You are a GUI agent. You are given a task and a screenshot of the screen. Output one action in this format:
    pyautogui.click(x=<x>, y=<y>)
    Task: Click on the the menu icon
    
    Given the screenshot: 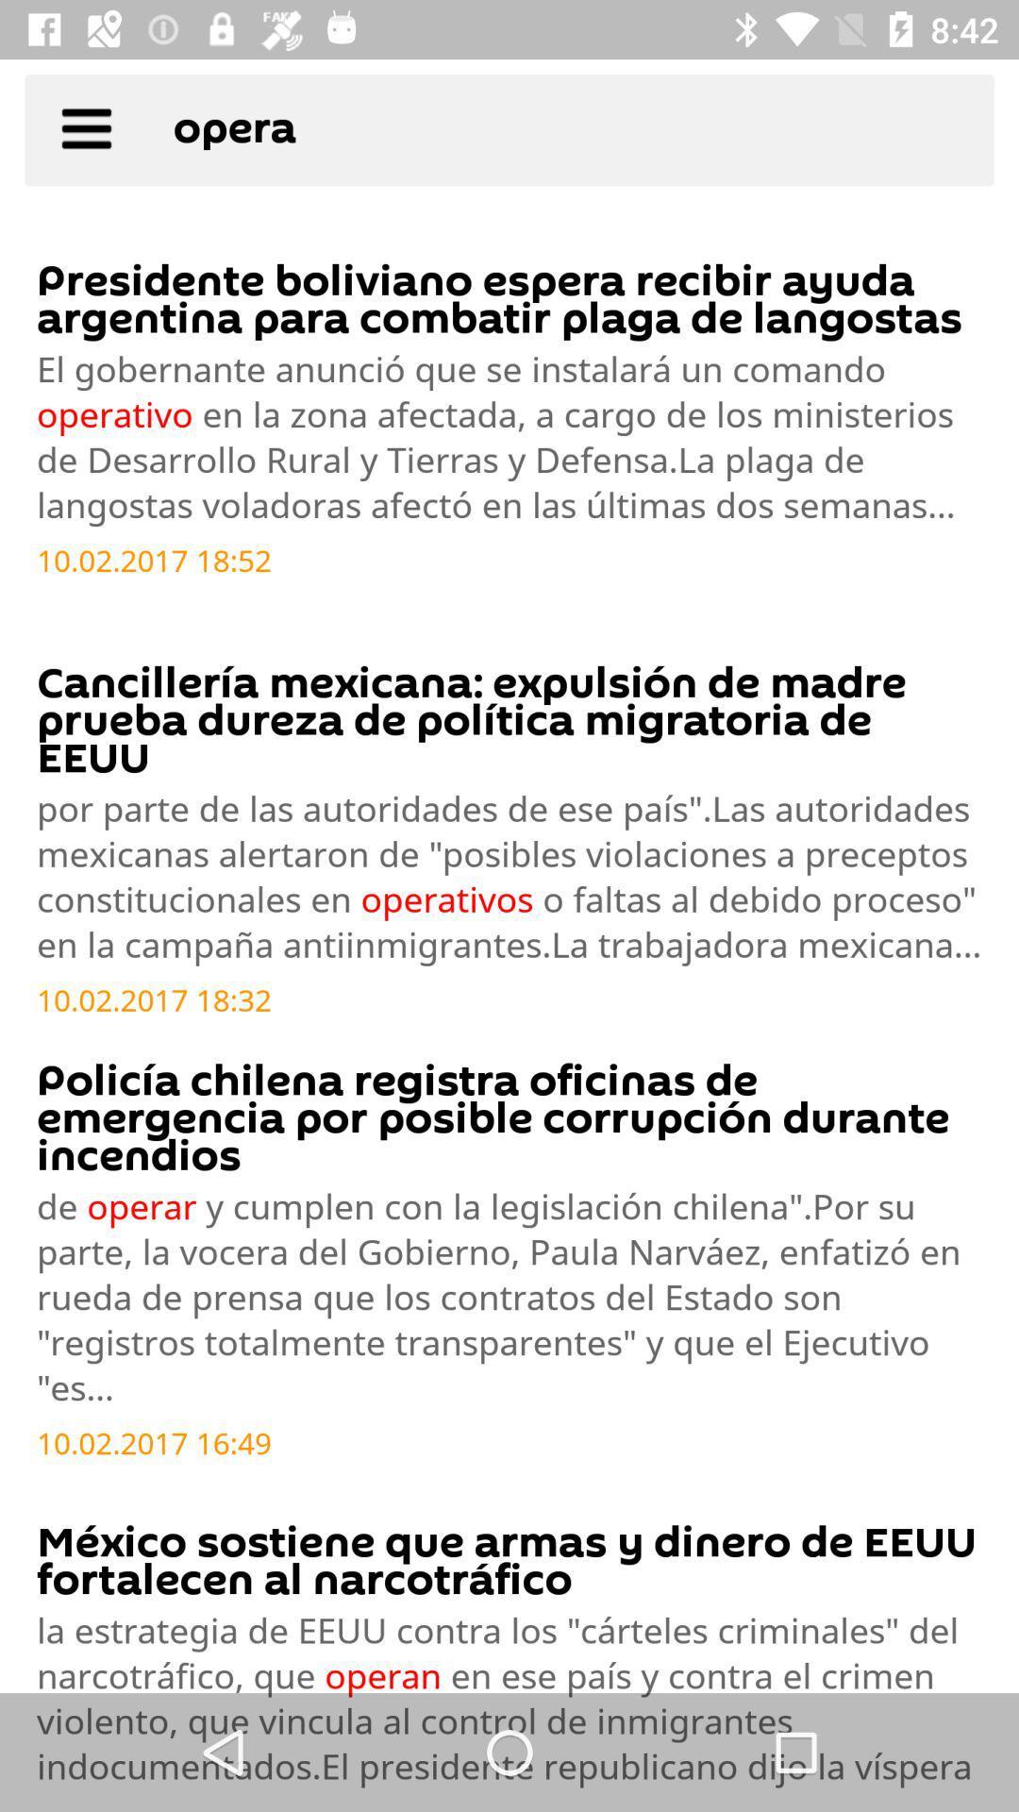 What is the action you would take?
    pyautogui.click(x=86, y=135)
    